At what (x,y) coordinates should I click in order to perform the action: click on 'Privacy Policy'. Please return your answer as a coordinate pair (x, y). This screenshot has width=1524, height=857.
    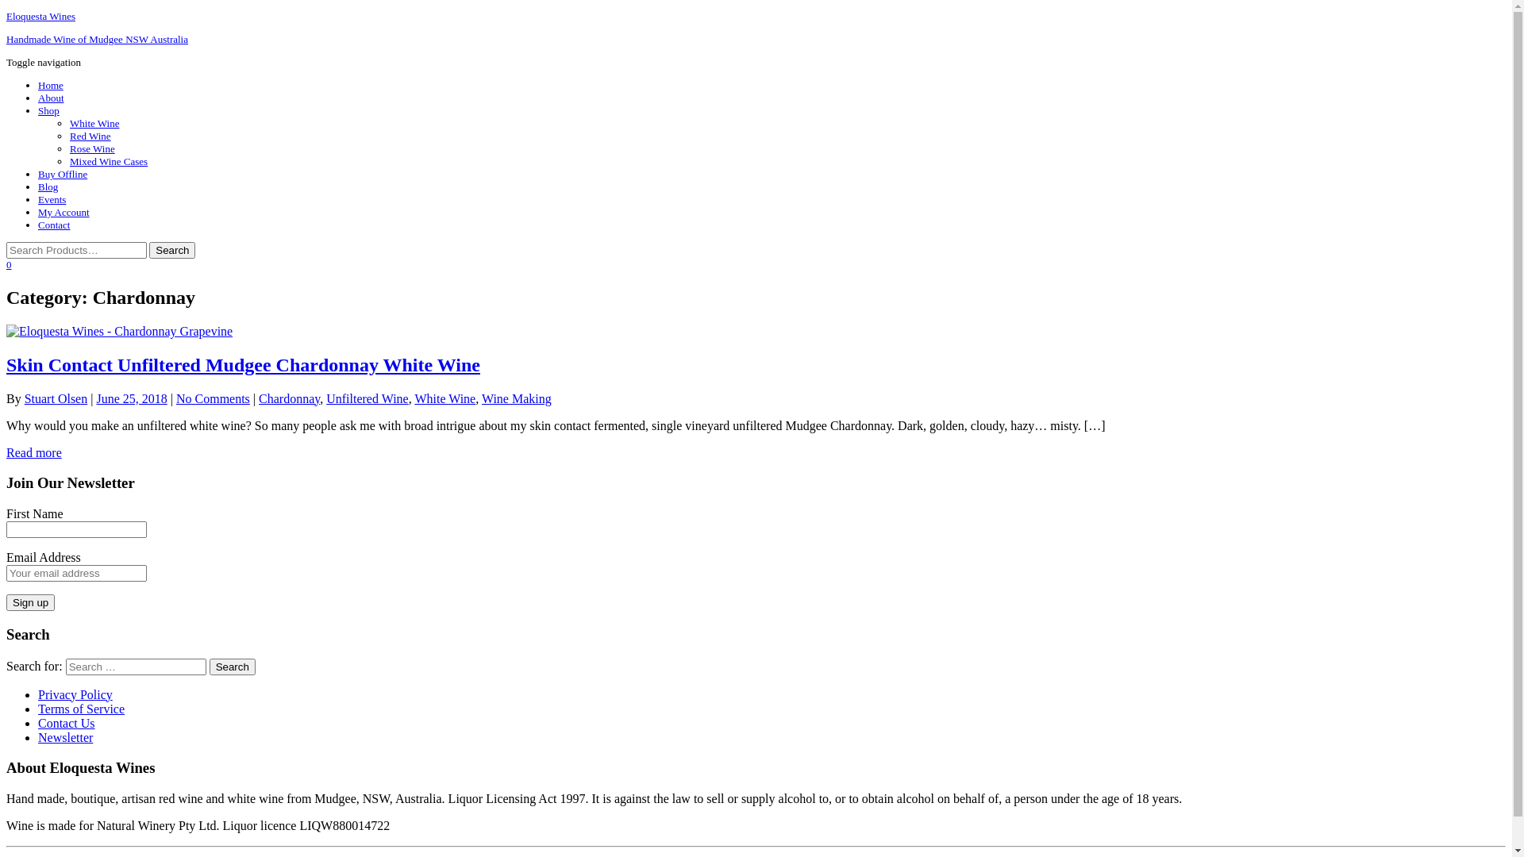
    Looking at the image, I should click on (75, 693).